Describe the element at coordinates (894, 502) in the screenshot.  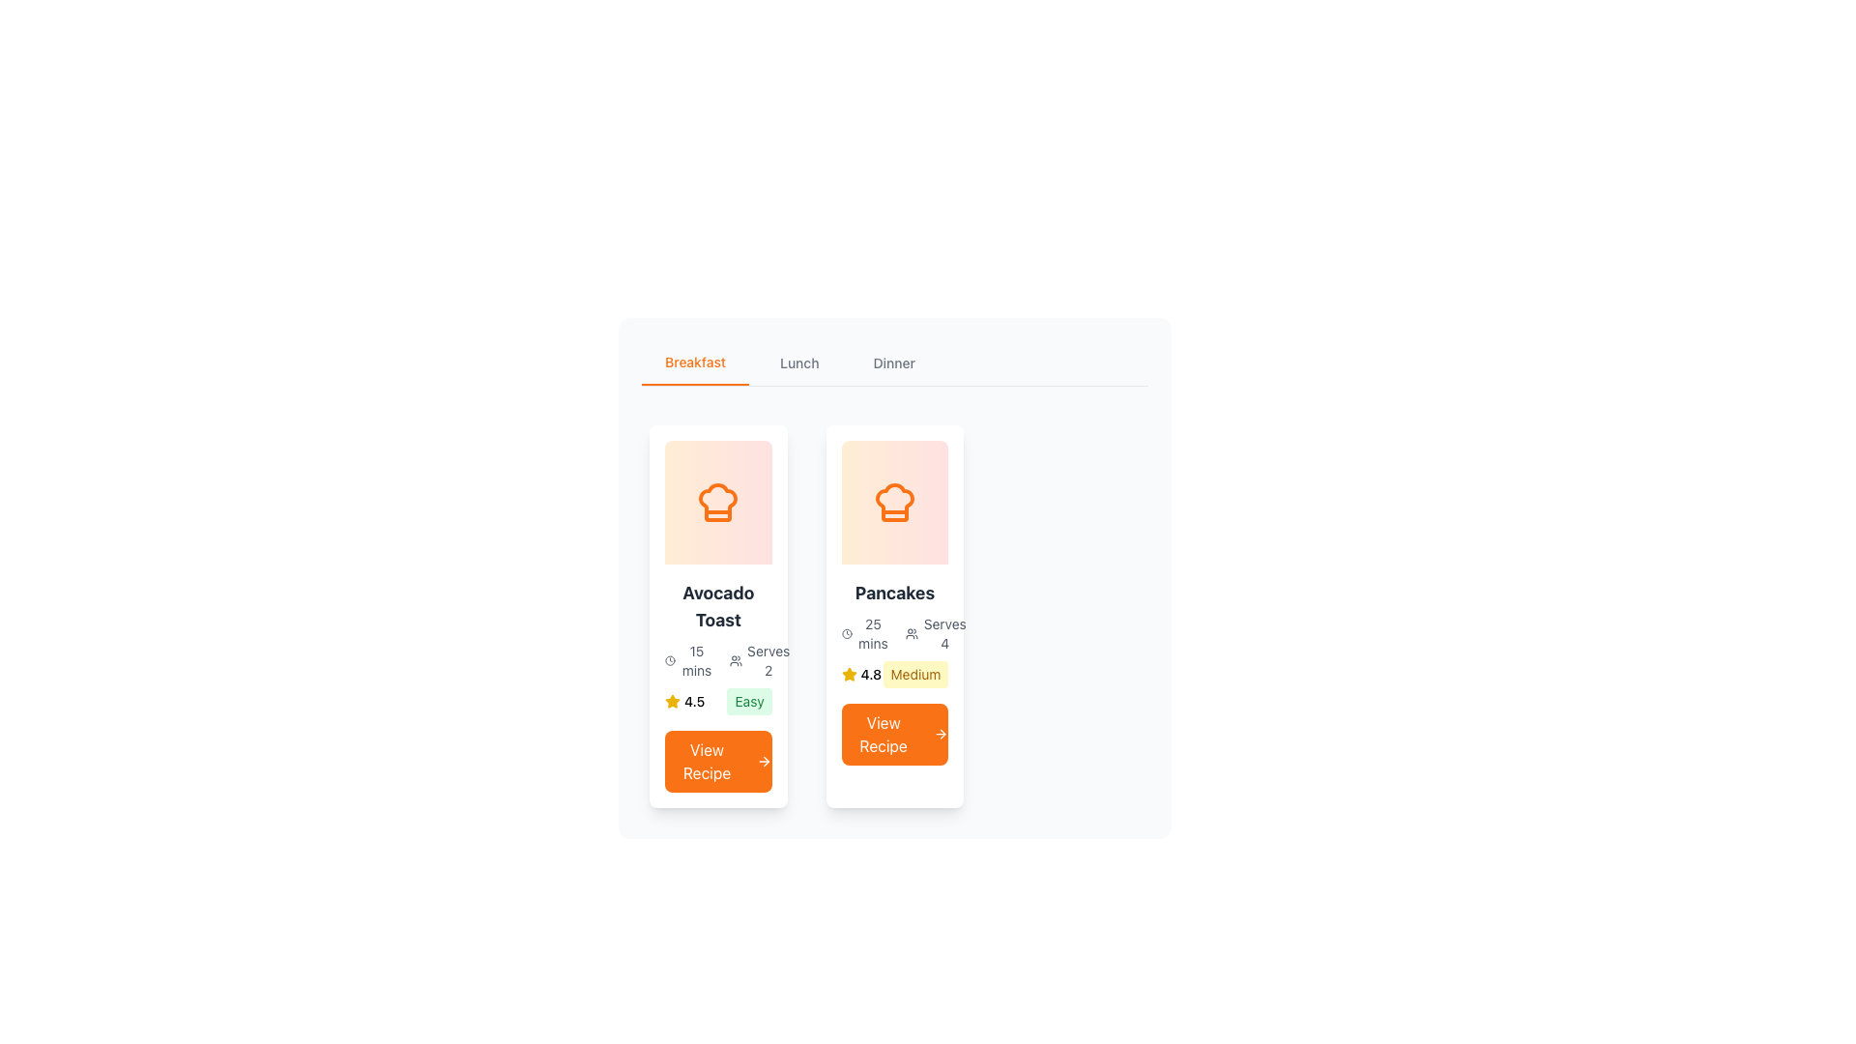
I see `the chef's hat icon with strong orange strokes located in the second recipe card titled 'Pancakes' in the 'Breakfast' tab` at that location.